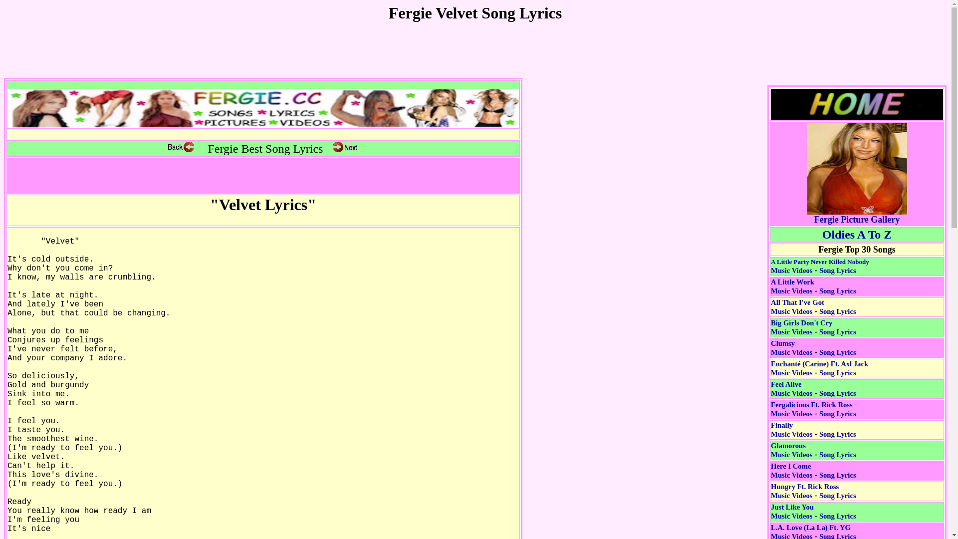  What do you see at coordinates (770, 512) in the screenshot?
I see `'Just Like You` at bounding box center [770, 512].